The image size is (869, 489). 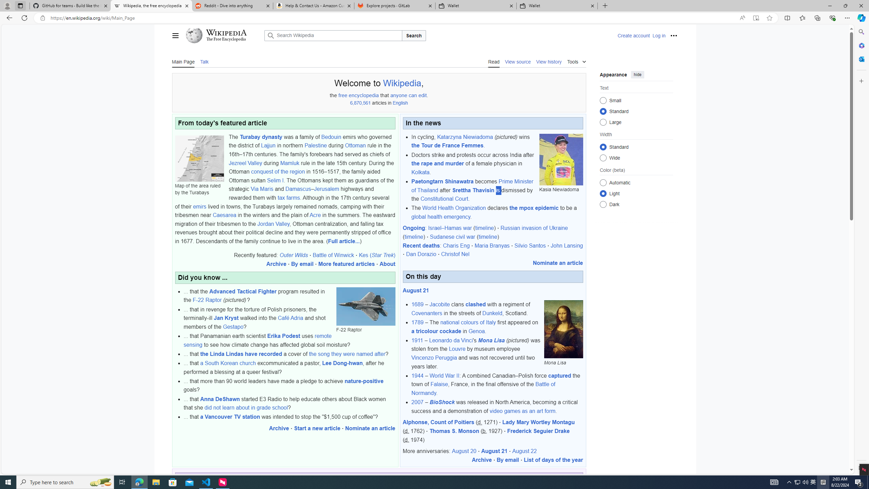 I want to click on 'Louvre', so click(x=457, y=349).